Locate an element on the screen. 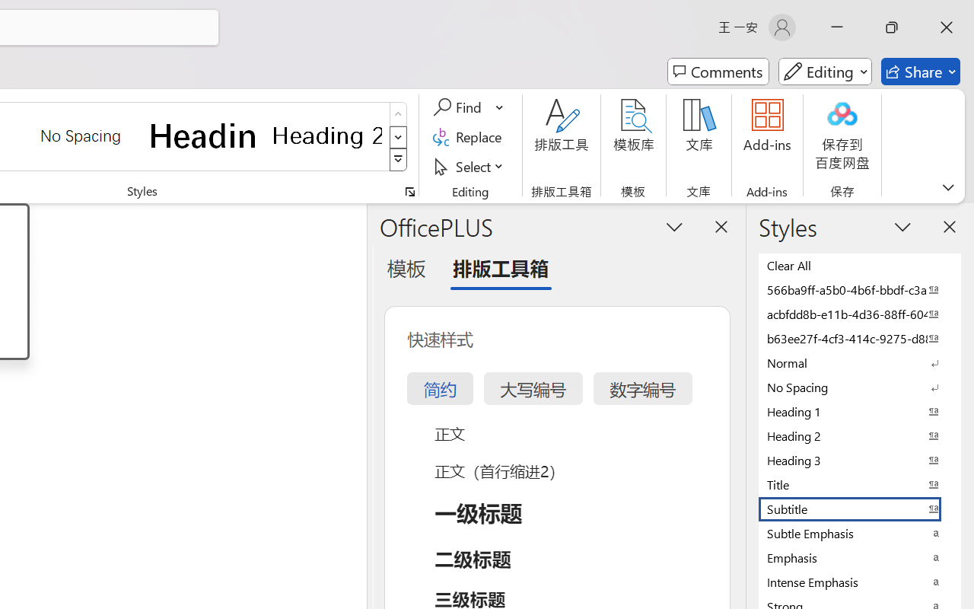  'Title' is located at coordinates (860, 483).